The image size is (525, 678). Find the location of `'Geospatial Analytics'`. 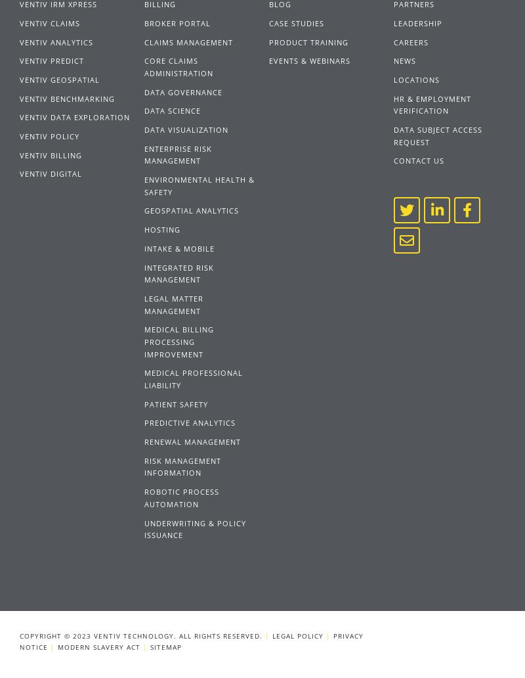

'Geospatial Analytics' is located at coordinates (192, 210).